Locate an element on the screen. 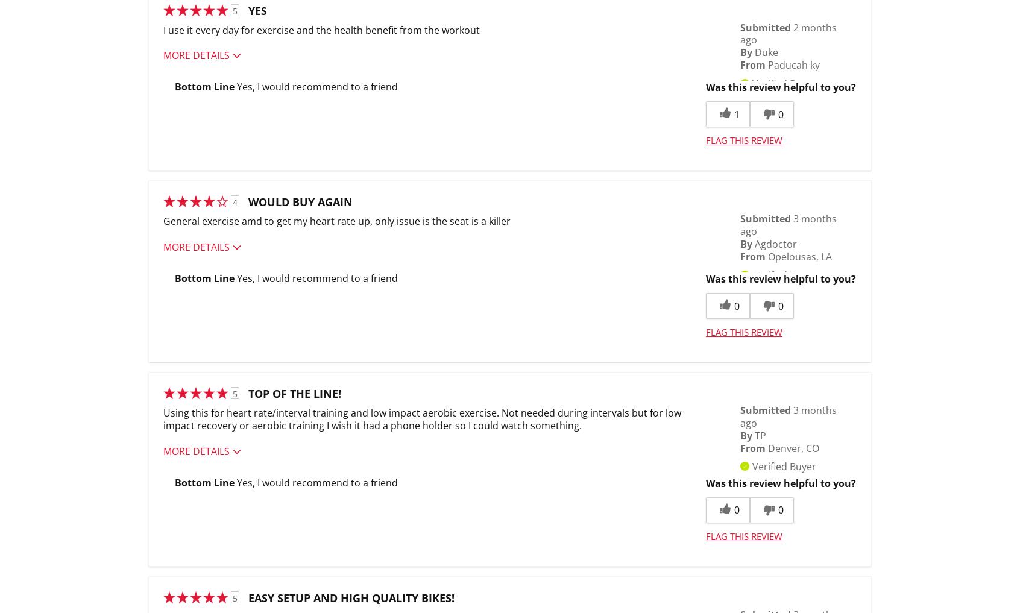 The image size is (1020, 613). 'Yes' is located at coordinates (257, 9).